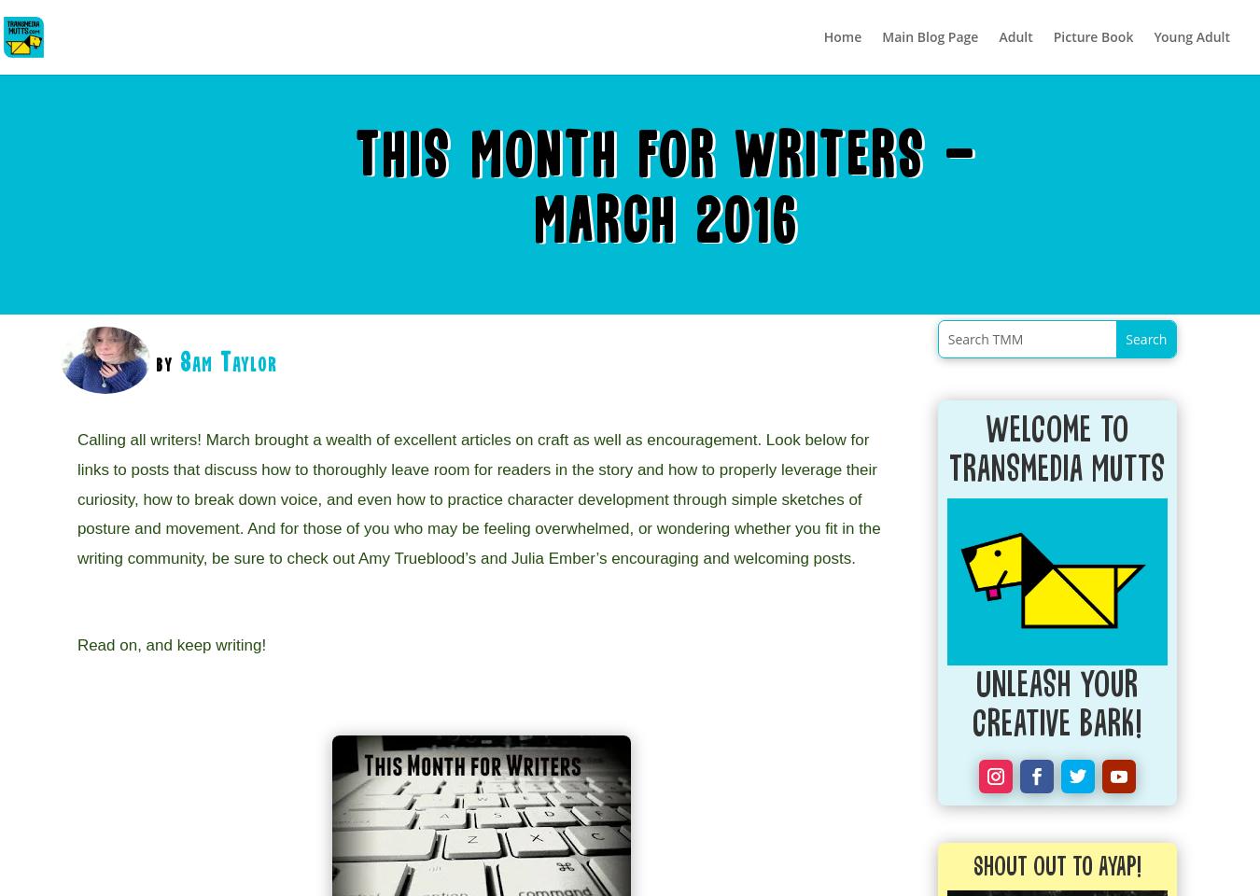 The image size is (1260, 896). I want to click on 'Sam Taylor', so click(228, 360).